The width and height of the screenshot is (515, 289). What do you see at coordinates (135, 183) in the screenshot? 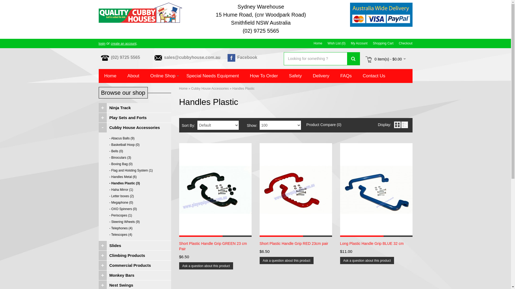
I see `'- Handles Plastic (3)'` at bounding box center [135, 183].